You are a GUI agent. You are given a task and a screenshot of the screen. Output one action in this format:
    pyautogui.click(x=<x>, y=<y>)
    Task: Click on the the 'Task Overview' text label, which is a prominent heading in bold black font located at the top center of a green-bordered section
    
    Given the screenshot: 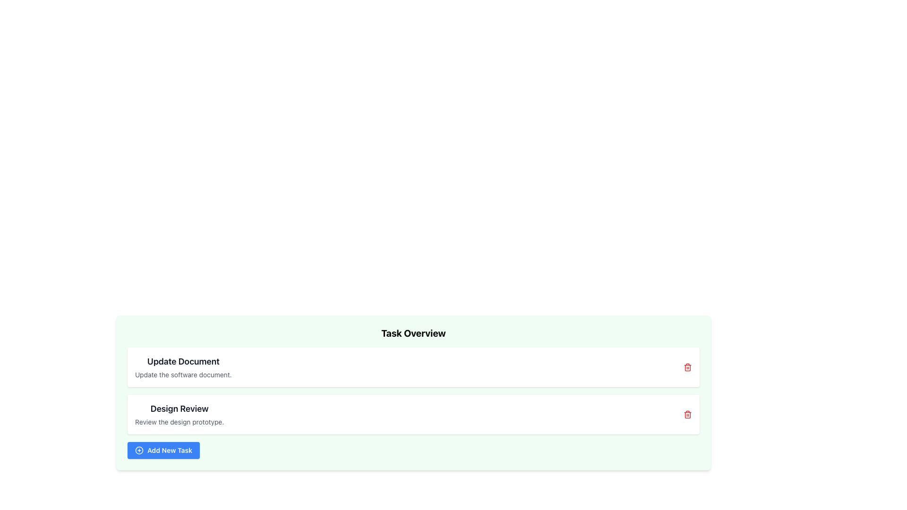 What is the action you would take?
    pyautogui.click(x=413, y=332)
    